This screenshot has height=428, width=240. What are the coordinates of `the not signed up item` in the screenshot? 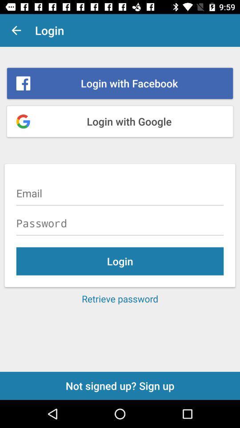 It's located at (120, 385).